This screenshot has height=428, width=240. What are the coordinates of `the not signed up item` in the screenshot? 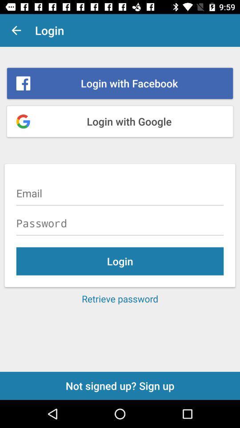 It's located at (120, 385).